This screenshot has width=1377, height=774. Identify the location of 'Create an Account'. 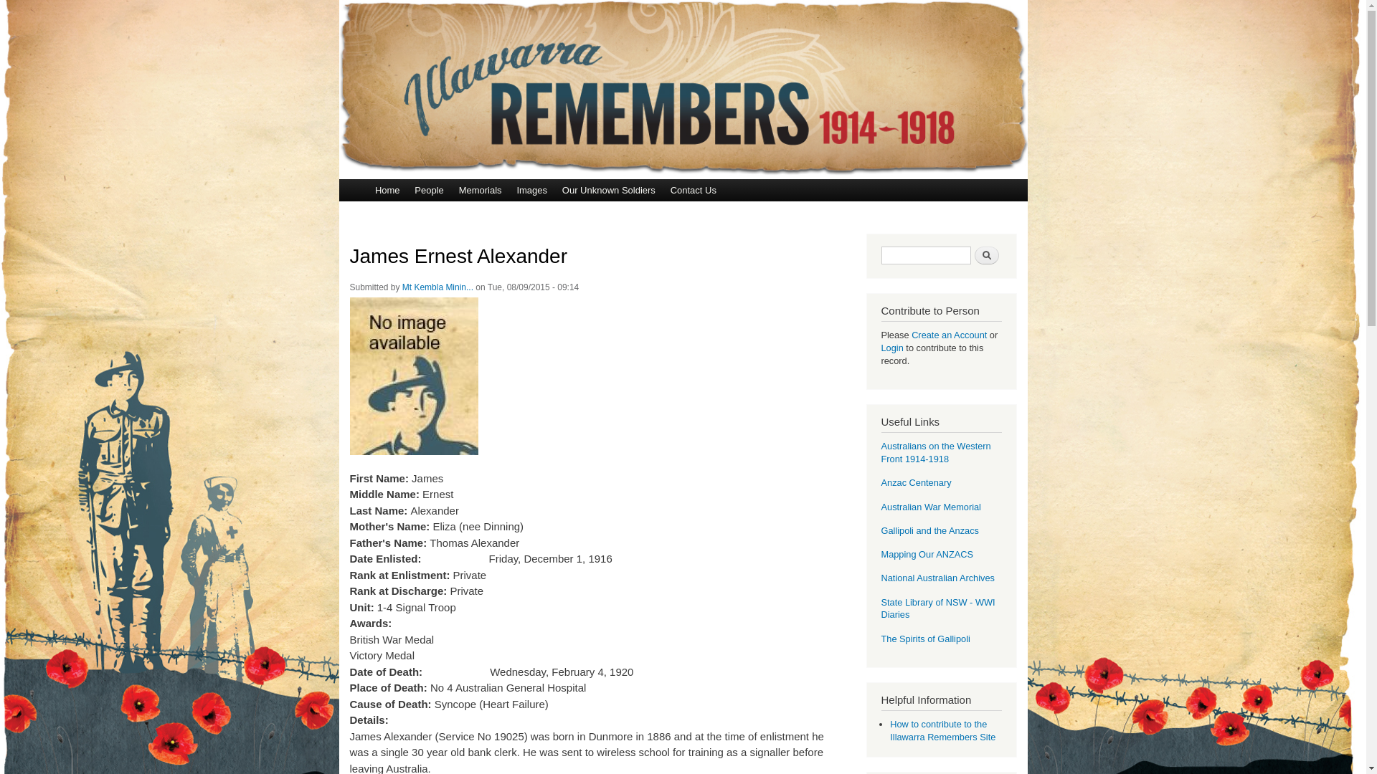
(949, 335).